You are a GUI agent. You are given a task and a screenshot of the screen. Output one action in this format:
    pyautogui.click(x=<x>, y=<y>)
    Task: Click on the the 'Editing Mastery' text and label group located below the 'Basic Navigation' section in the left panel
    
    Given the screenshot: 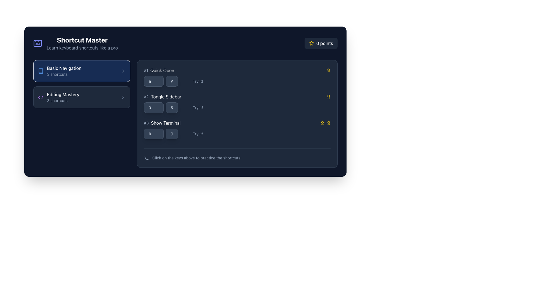 What is the action you would take?
    pyautogui.click(x=63, y=97)
    